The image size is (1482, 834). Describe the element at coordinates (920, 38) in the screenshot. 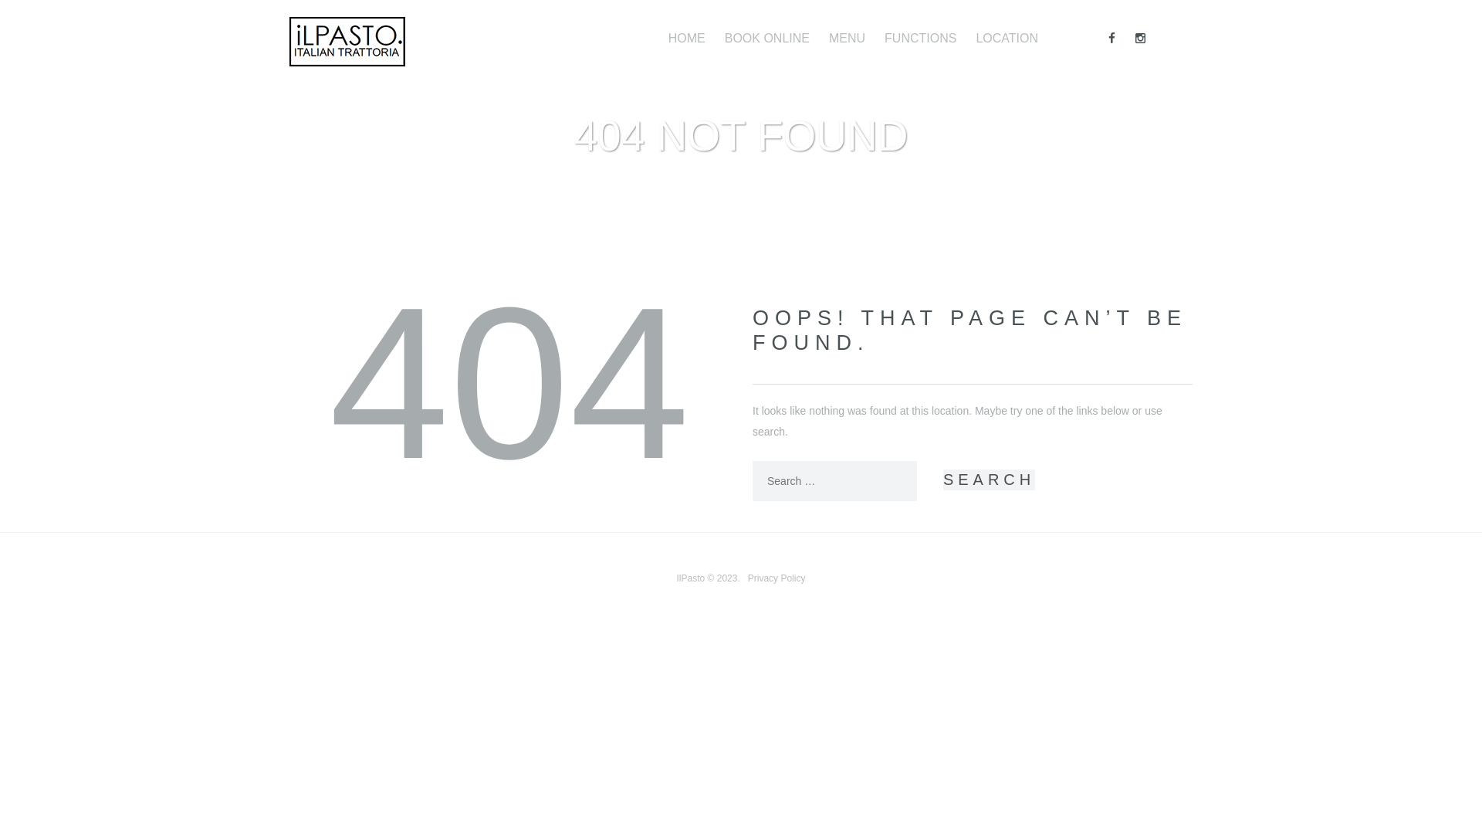

I see `'FUNCTIONS'` at that location.